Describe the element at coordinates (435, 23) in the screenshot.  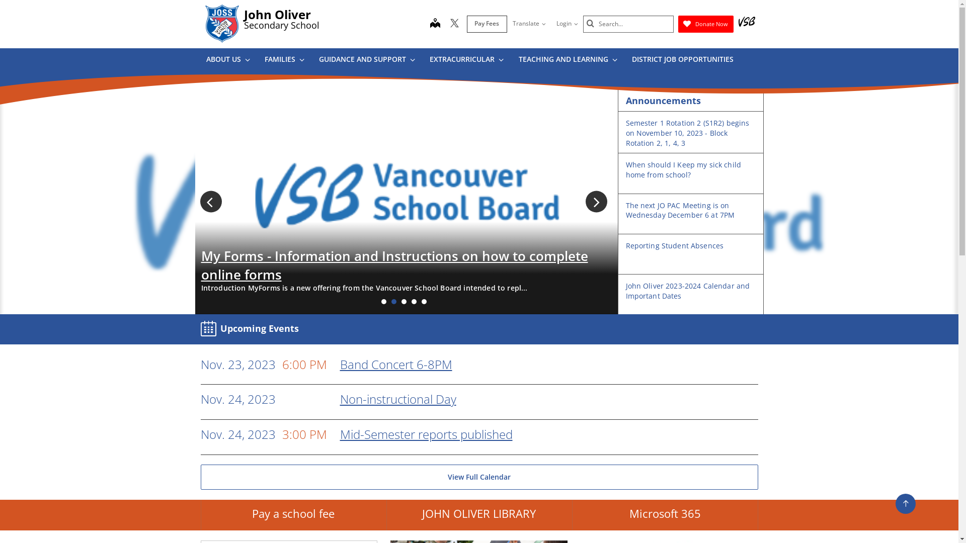
I see `'map'` at that location.